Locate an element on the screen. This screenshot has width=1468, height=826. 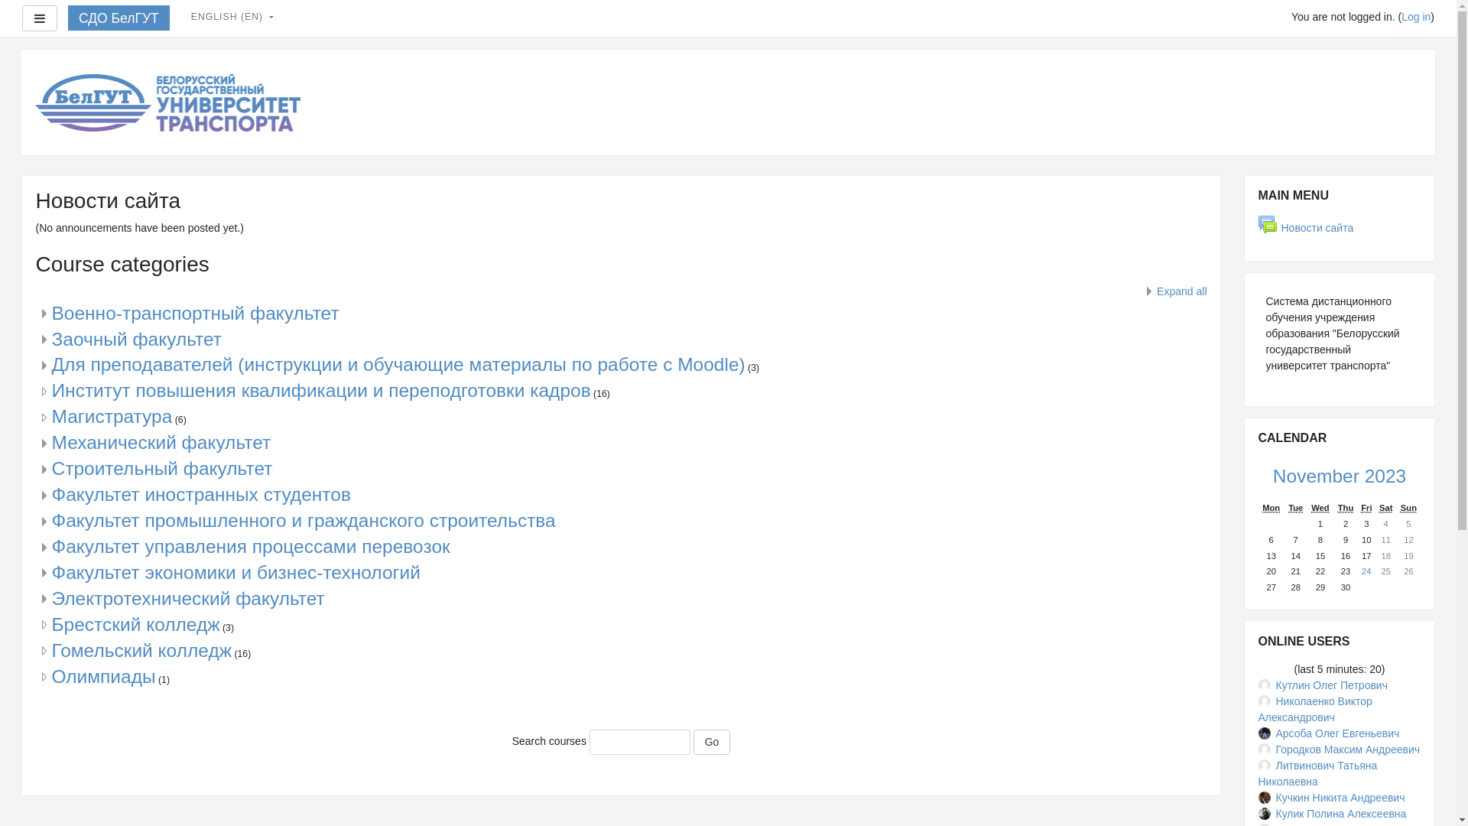
'Go' is located at coordinates (711, 742).